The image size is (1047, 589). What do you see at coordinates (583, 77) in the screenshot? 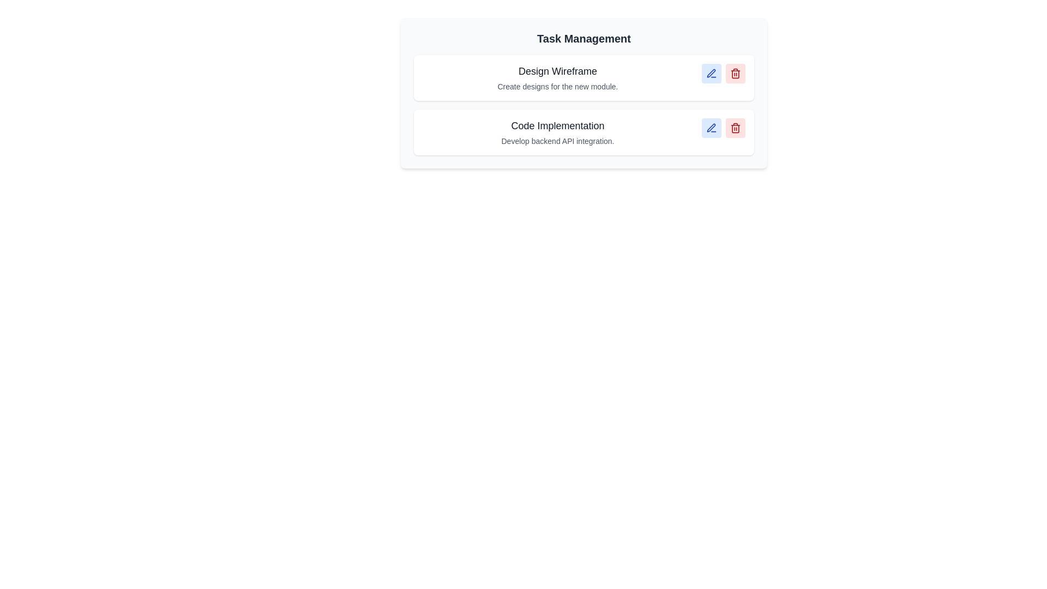
I see `the task item to highlight it` at bounding box center [583, 77].